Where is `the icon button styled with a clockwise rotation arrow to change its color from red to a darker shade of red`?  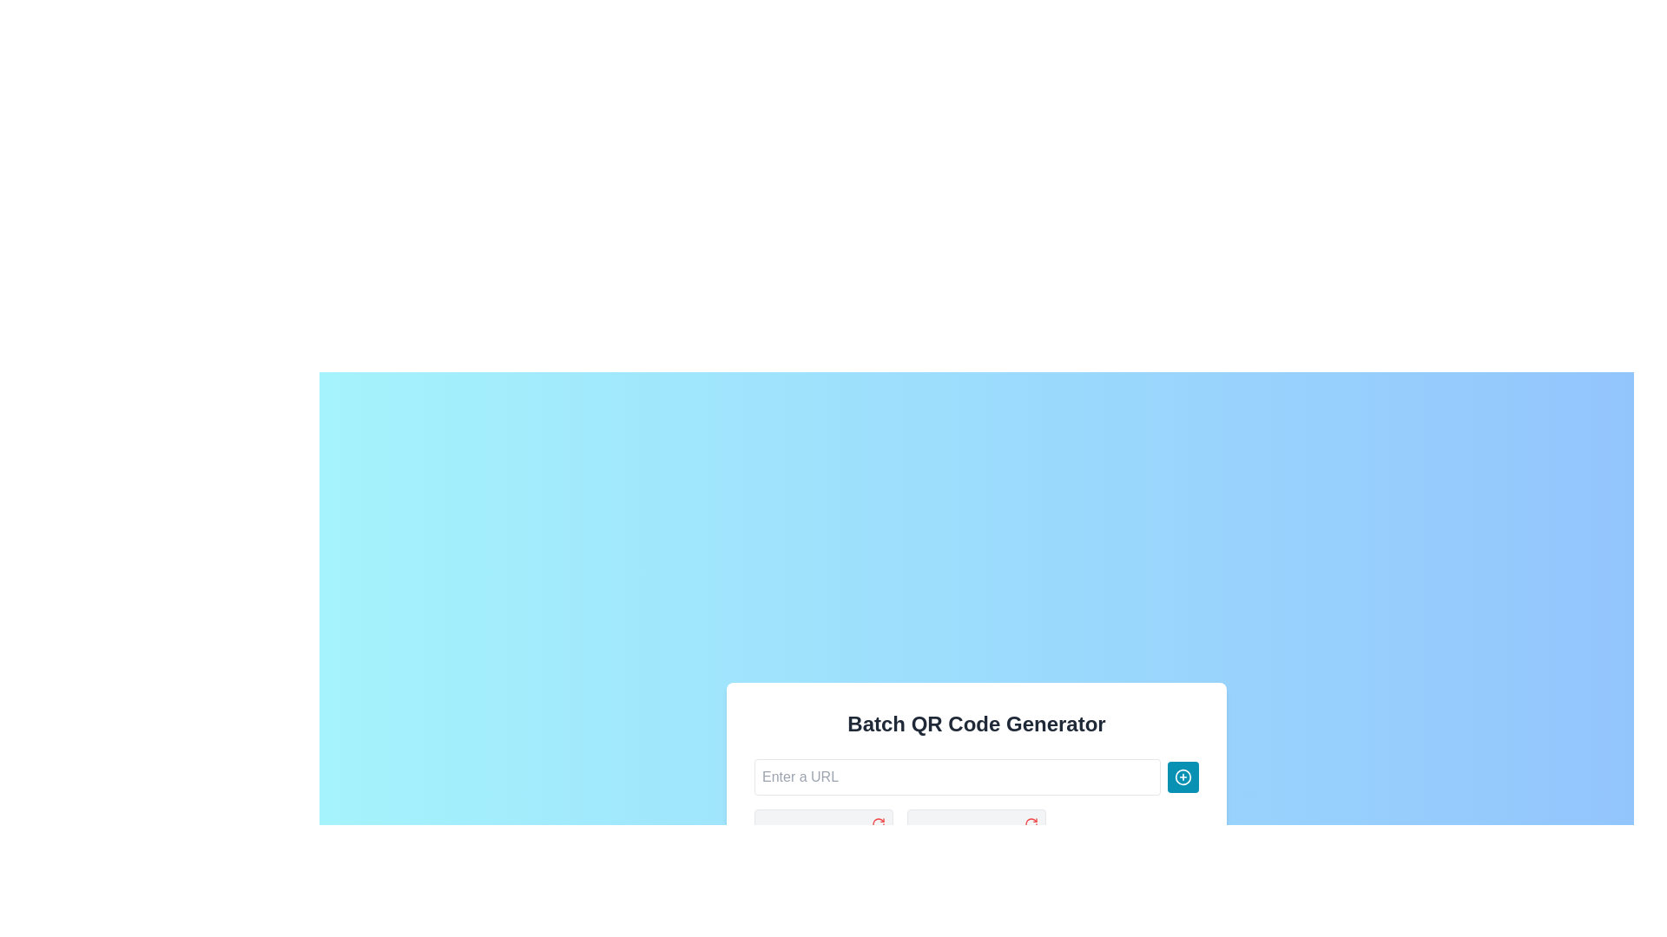 the icon button styled with a clockwise rotation arrow to change its color from red to a darker shade of red is located at coordinates (879, 822).